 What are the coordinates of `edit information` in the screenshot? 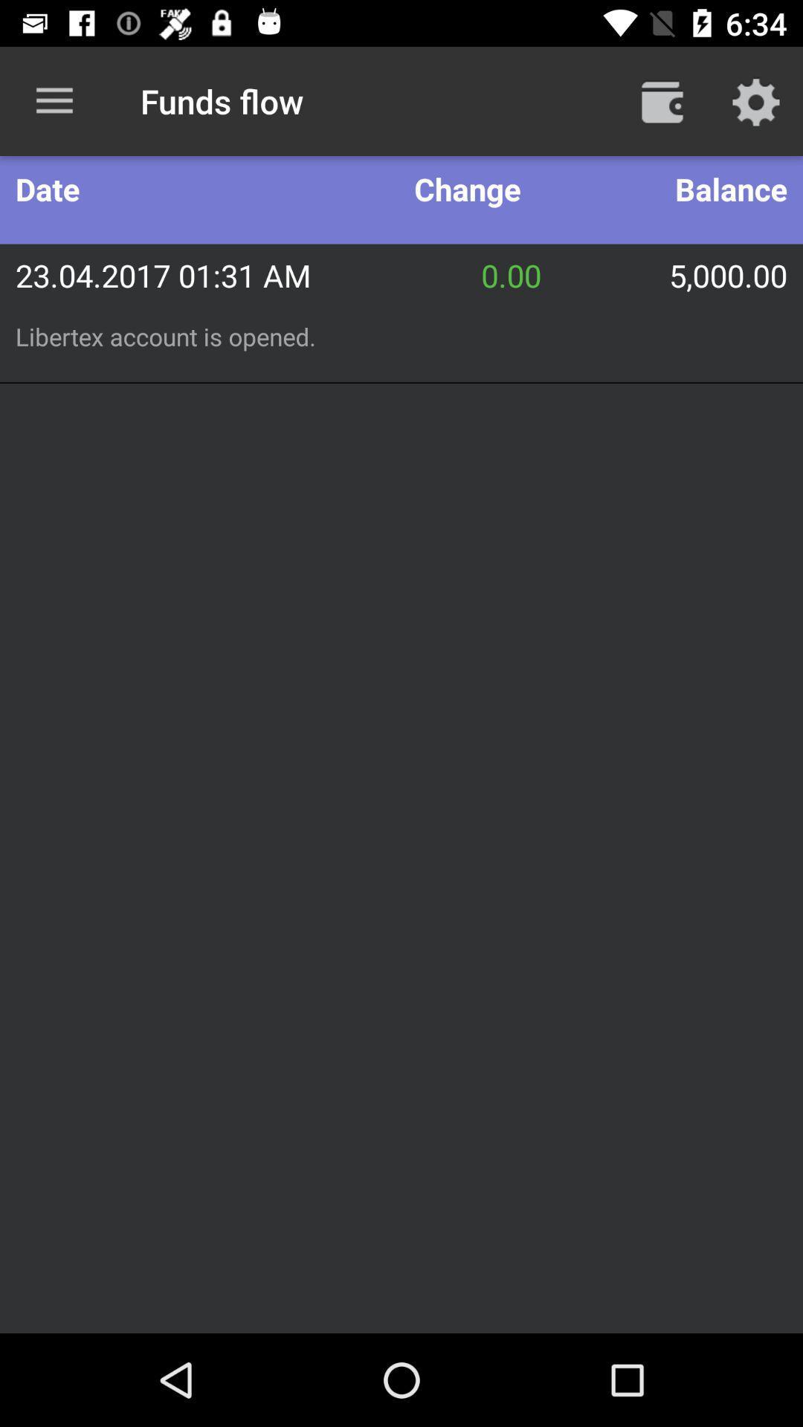 It's located at (756, 100).